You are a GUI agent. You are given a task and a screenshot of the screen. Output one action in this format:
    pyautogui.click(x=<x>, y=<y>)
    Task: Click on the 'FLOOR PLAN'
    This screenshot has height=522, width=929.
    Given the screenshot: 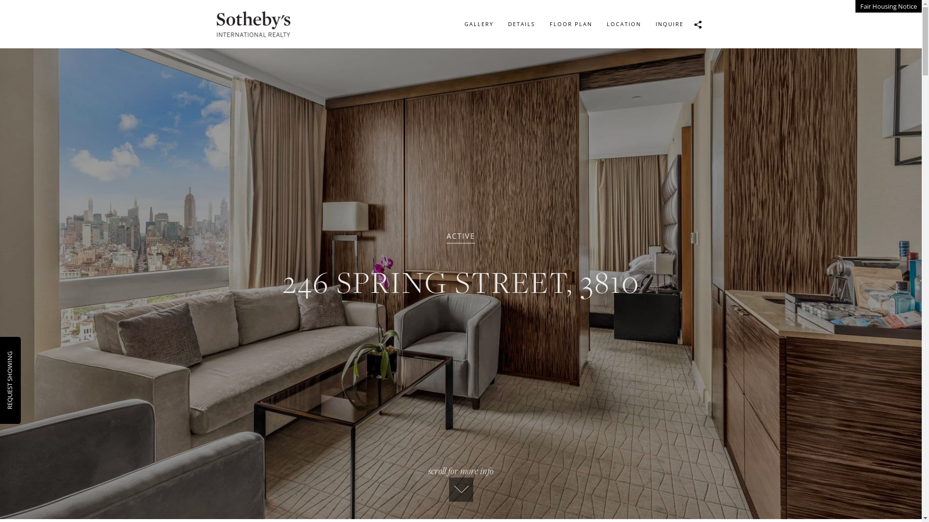 What is the action you would take?
    pyautogui.click(x=570, y=24)
    